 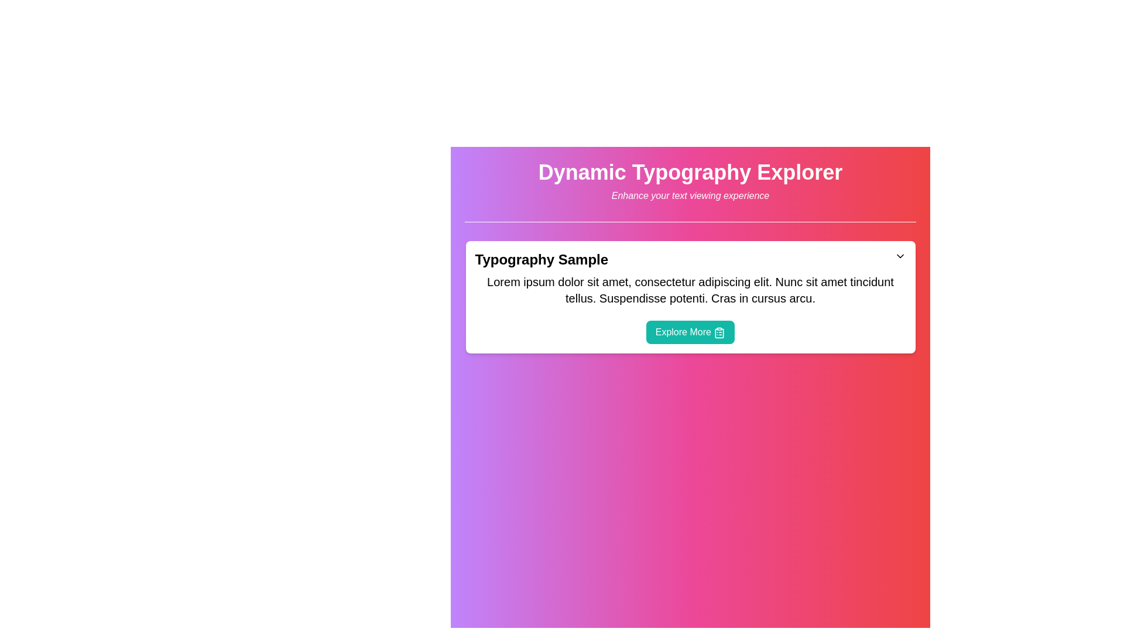 What do you see at coordinates (719, 333) in the screenshot?
I see `SVG properties of the clipboard icon located inside the 'Explore More' button, which features a minimalist design with thin strokes` at bounding box center [719, 333].